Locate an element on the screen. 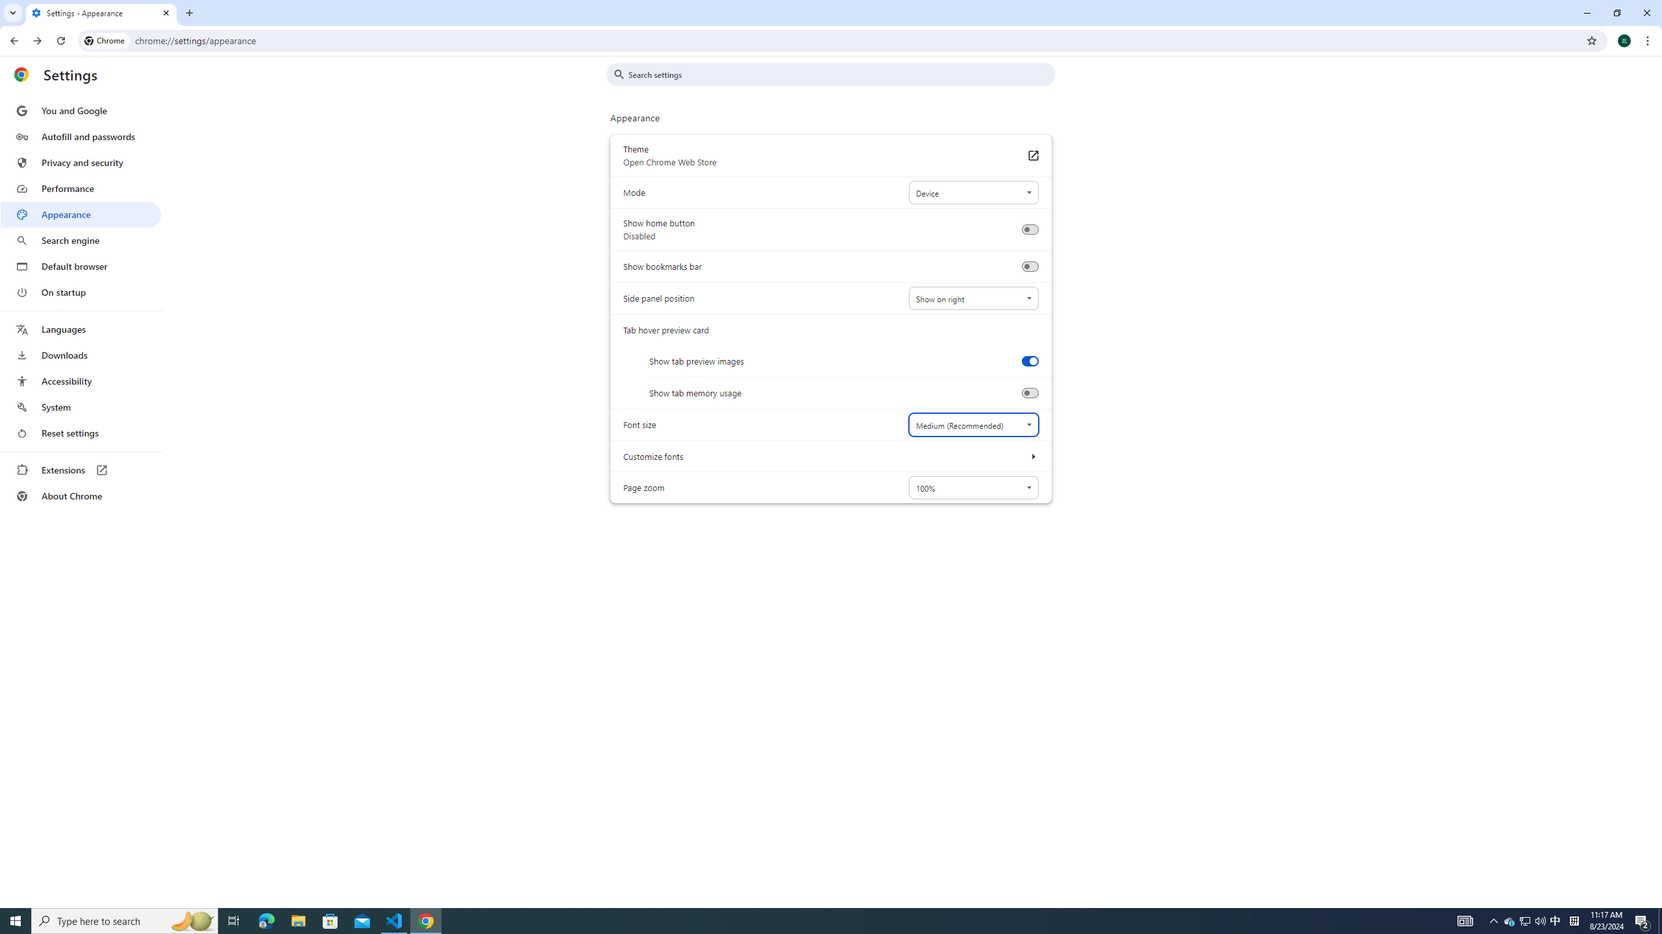  'Show bookmarks bar' is located at coordinates (1029, 266).